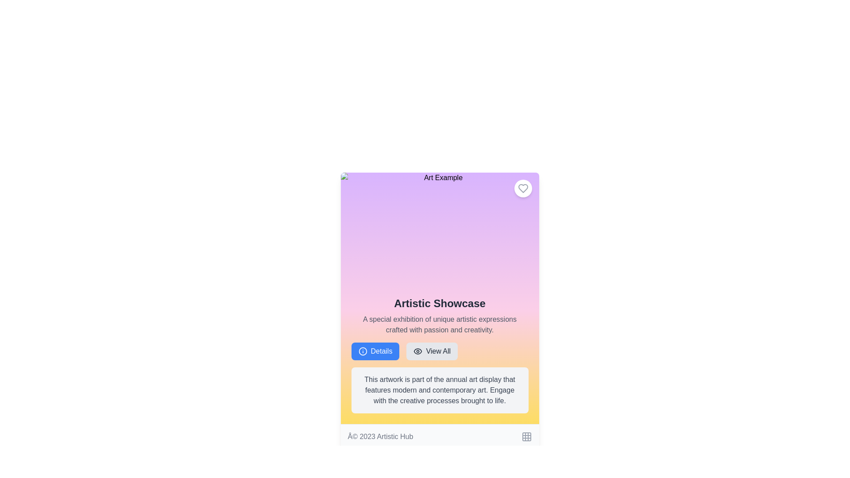 The width and height of the screenshot is (850, 478). Describe the element at coordinates (417, 351) in the screenshot. I see `the graphical eye icon embedded in the 'View All' button located at the bottom of the card interface, positioned to the left of the button text` at that location.